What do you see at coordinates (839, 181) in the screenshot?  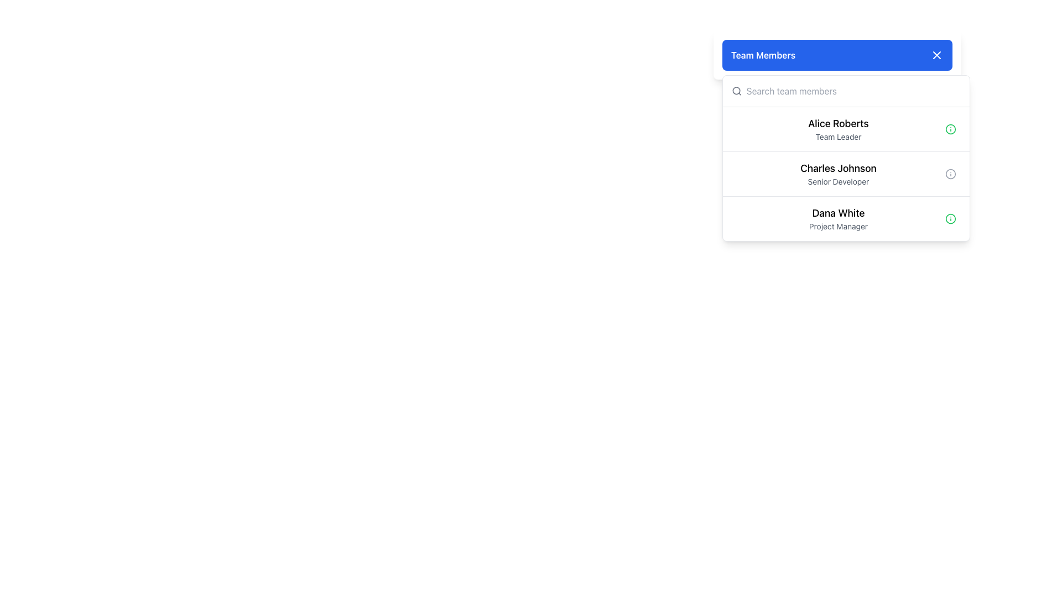 I see `the text label reading 'Senior Developer' which is styled in a smaller font and gray color, located directly below 'Charles Johnson' in the dropdown panel titled 'Team Members'` at bounding box center [839, 181].